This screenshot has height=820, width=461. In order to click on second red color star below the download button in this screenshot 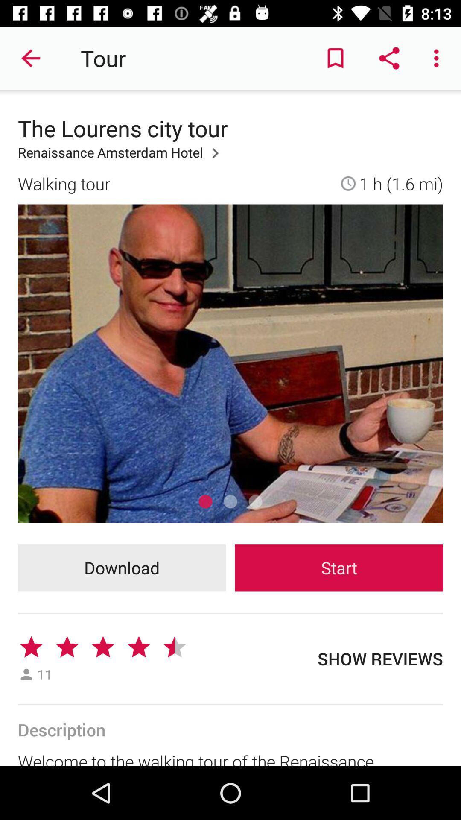, I will do `click(67, 647)`.